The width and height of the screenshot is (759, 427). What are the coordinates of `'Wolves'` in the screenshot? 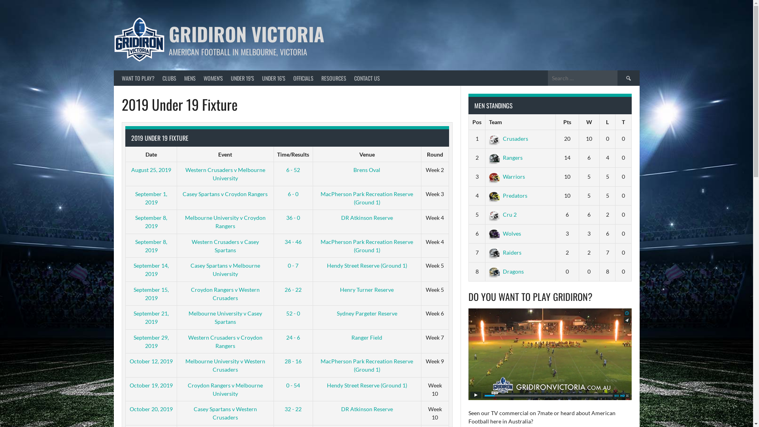 It's located at (504, 233).